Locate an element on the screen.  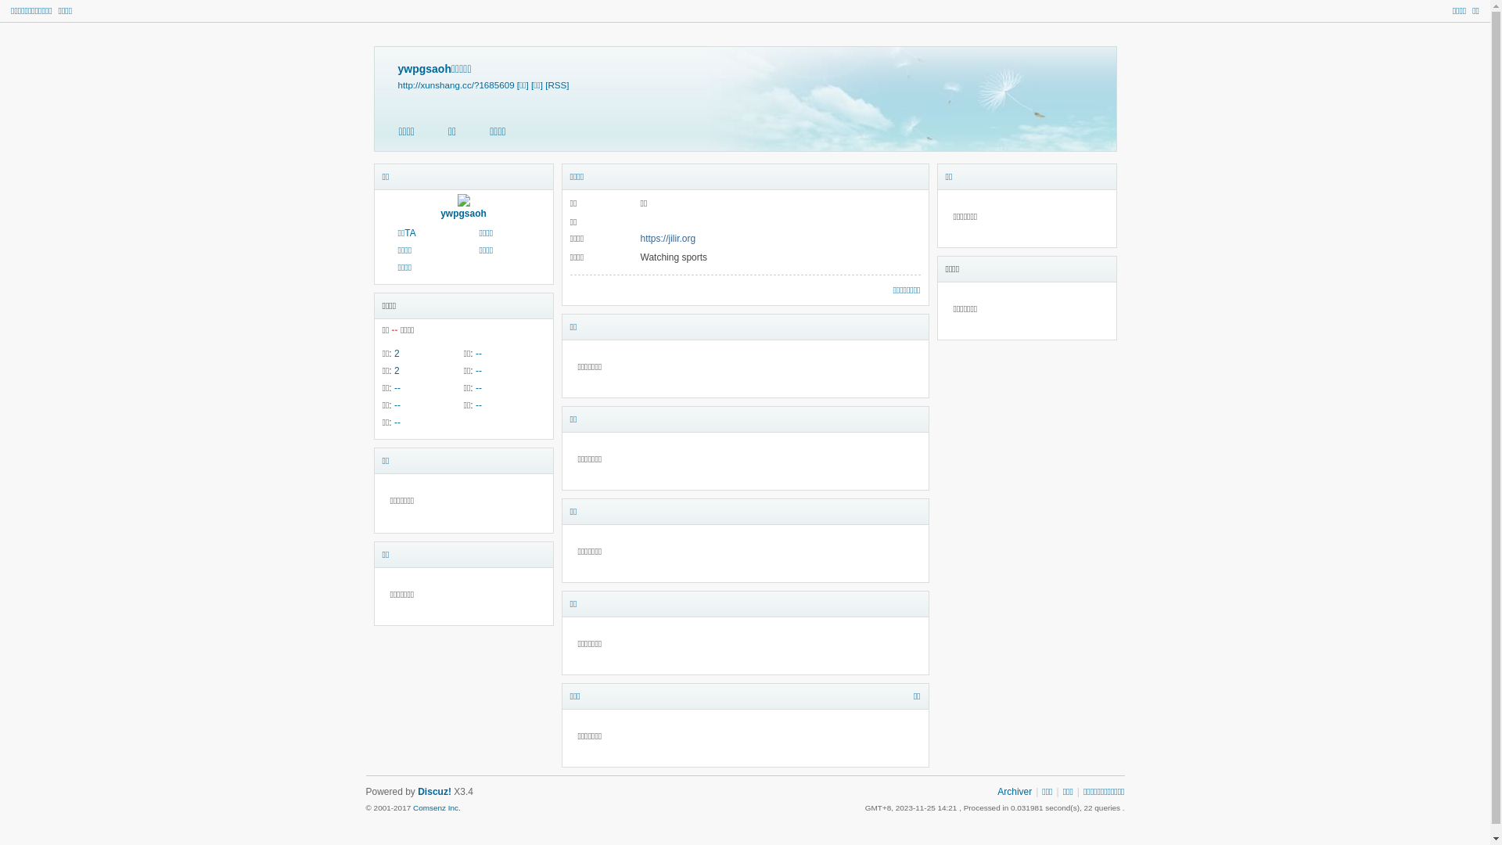
'http://xunshang.cc/?1685609' is located at coordinates (455, 84).